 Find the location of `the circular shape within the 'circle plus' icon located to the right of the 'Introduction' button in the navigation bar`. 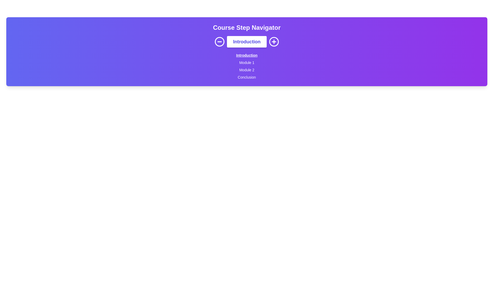

the circular shape within the 'circle plus' icon located to the right of the 'Introduction' button in the navigation bar is located at coordinates (274, 41).